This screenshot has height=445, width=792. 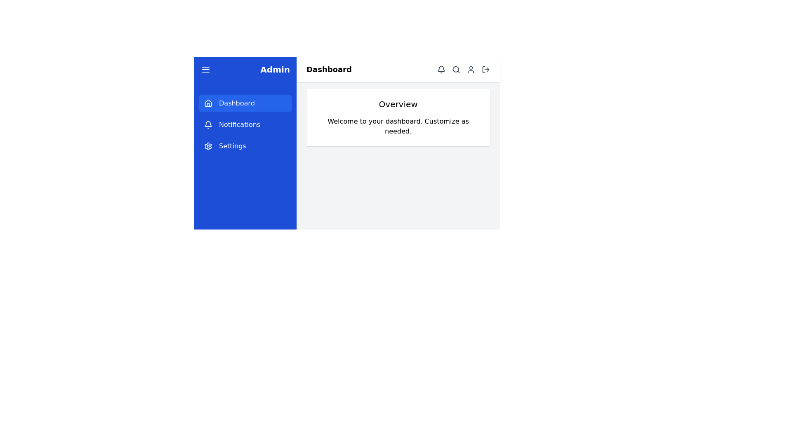 I want to click on the gear-shaped settings icon located in the sidebar menu, specifically below the 'Notifications' section and aligned with the 'Settings' label, so click(x=208, y=145).